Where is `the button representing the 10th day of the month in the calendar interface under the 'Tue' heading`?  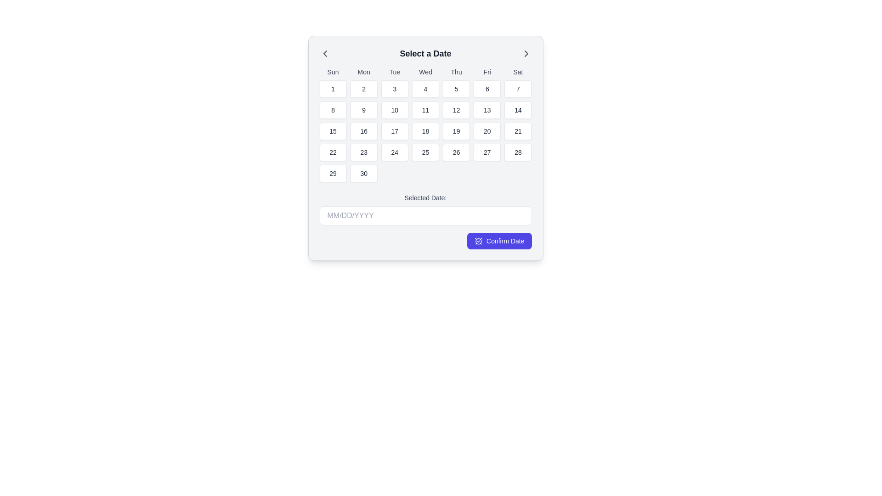
the button representing the 10th day of the month in the calendar interface under the 'Tue' heading is located at coordinates (395, 109).